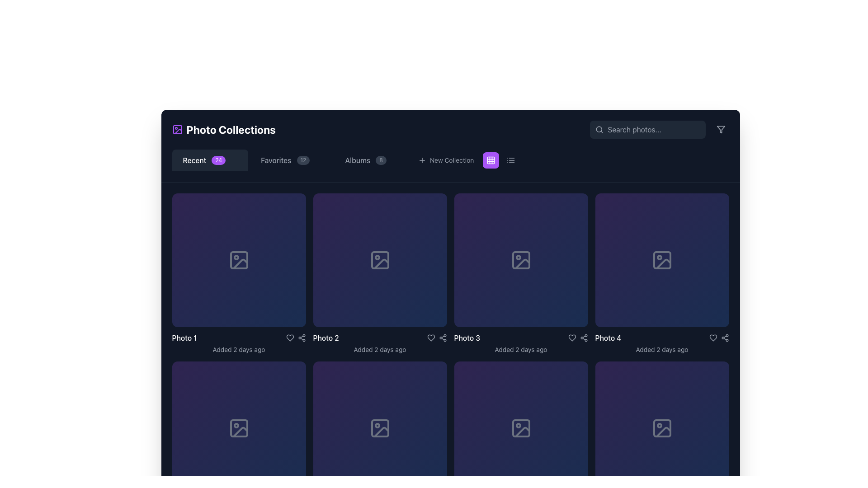 This screenshot has width=868, height=488. What do you see at coordinates (380, 260) in the screenshot?
I see `the second interactive square in the horizontally aligned grid of image placeholders labeled 'Photo 2'` at bounding box center [380, 260].